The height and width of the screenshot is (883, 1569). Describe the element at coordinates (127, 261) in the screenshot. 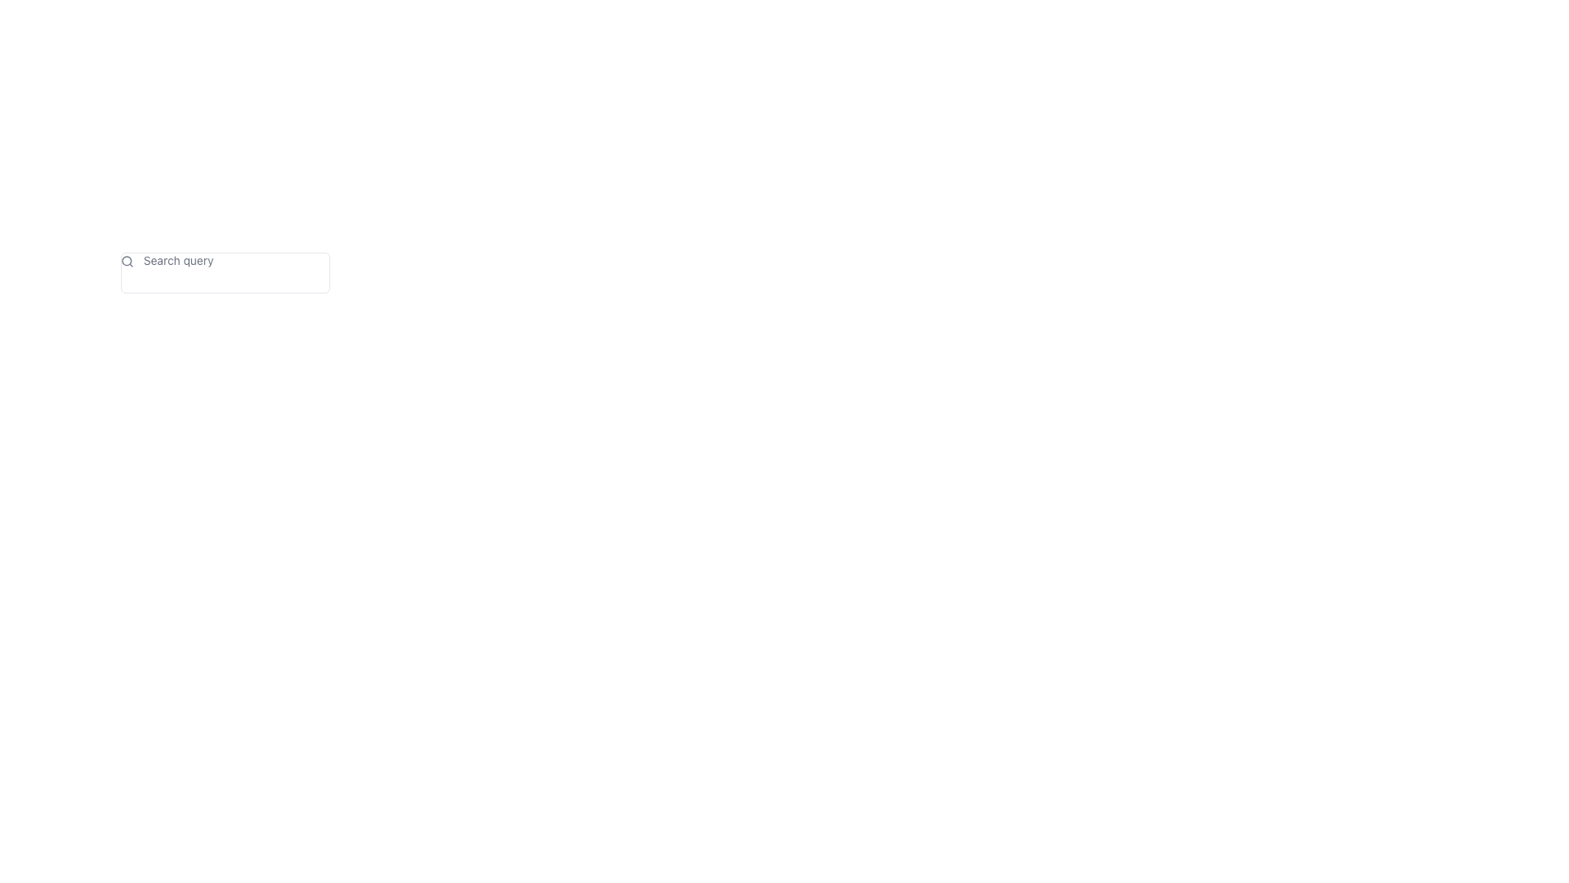

I see `the magnifying glass icon located to the left of the 'Search query' text to initiate a search operation` at that location.